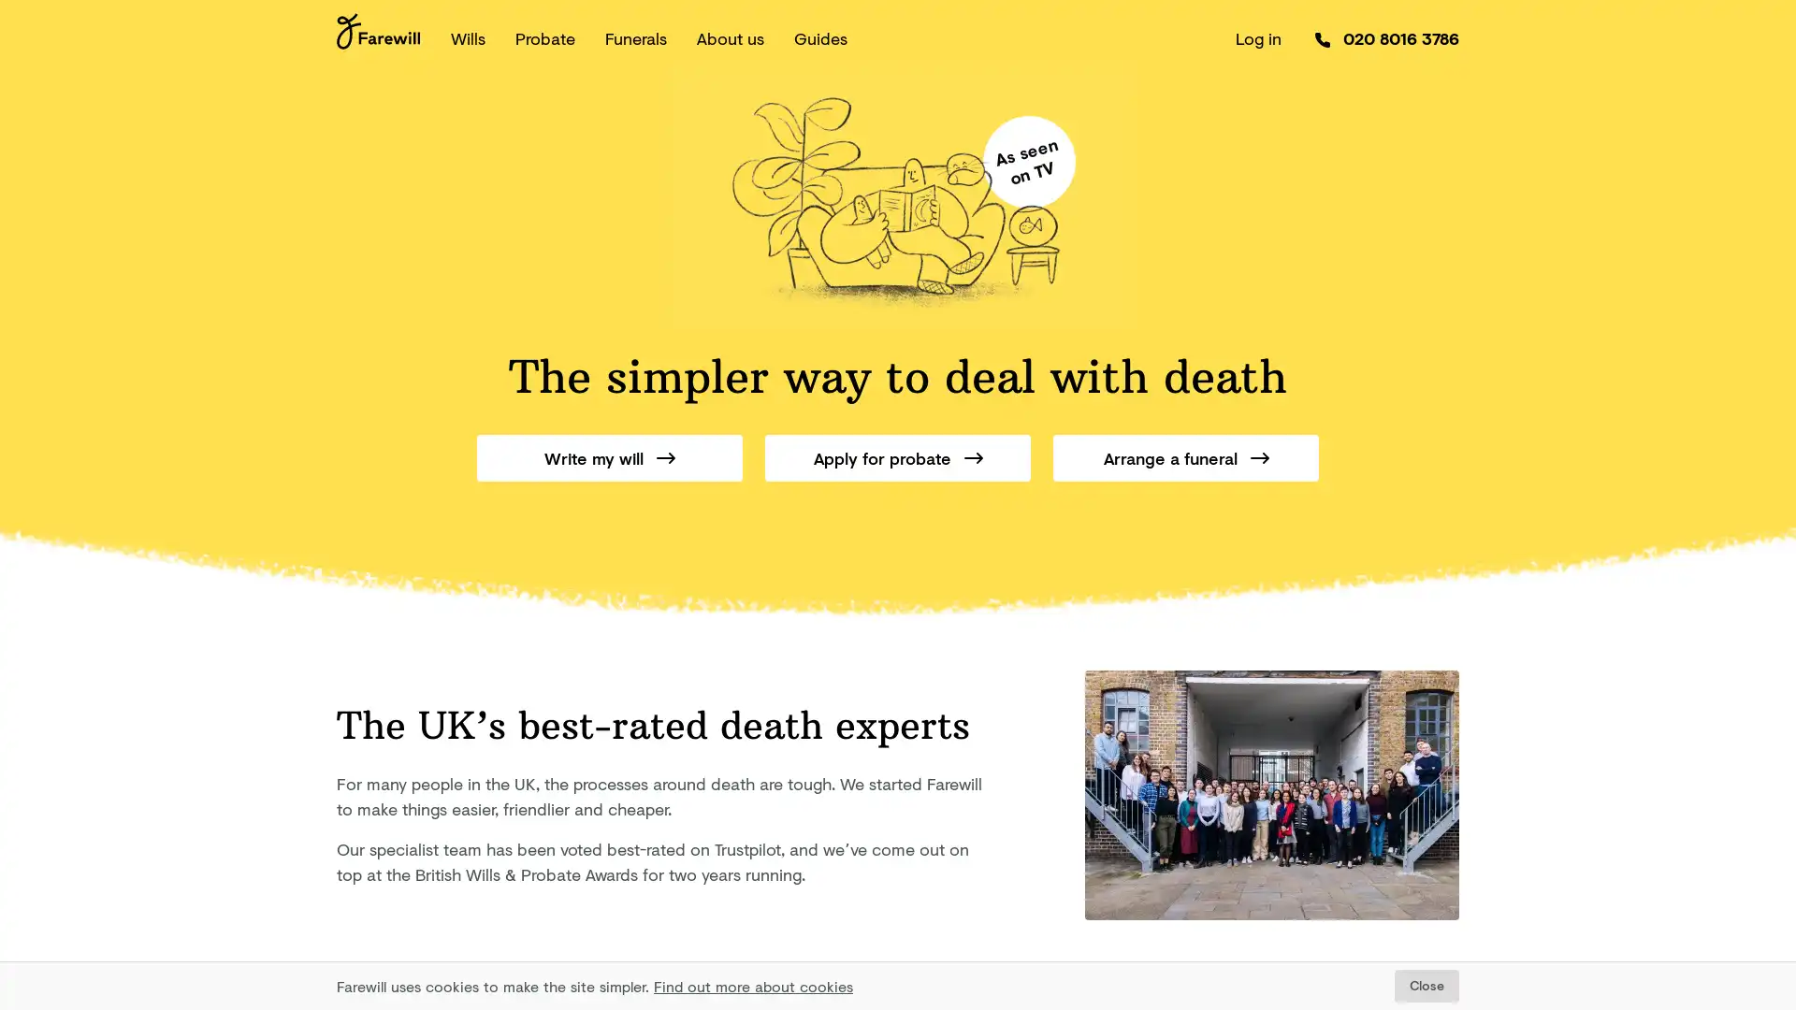 The width and height of the screenshot is (1796, 1010). What do you see at coordinates (1426, 985) in the screenshot?
I see `Close cookie banner` at bounding box center [1426, 985].